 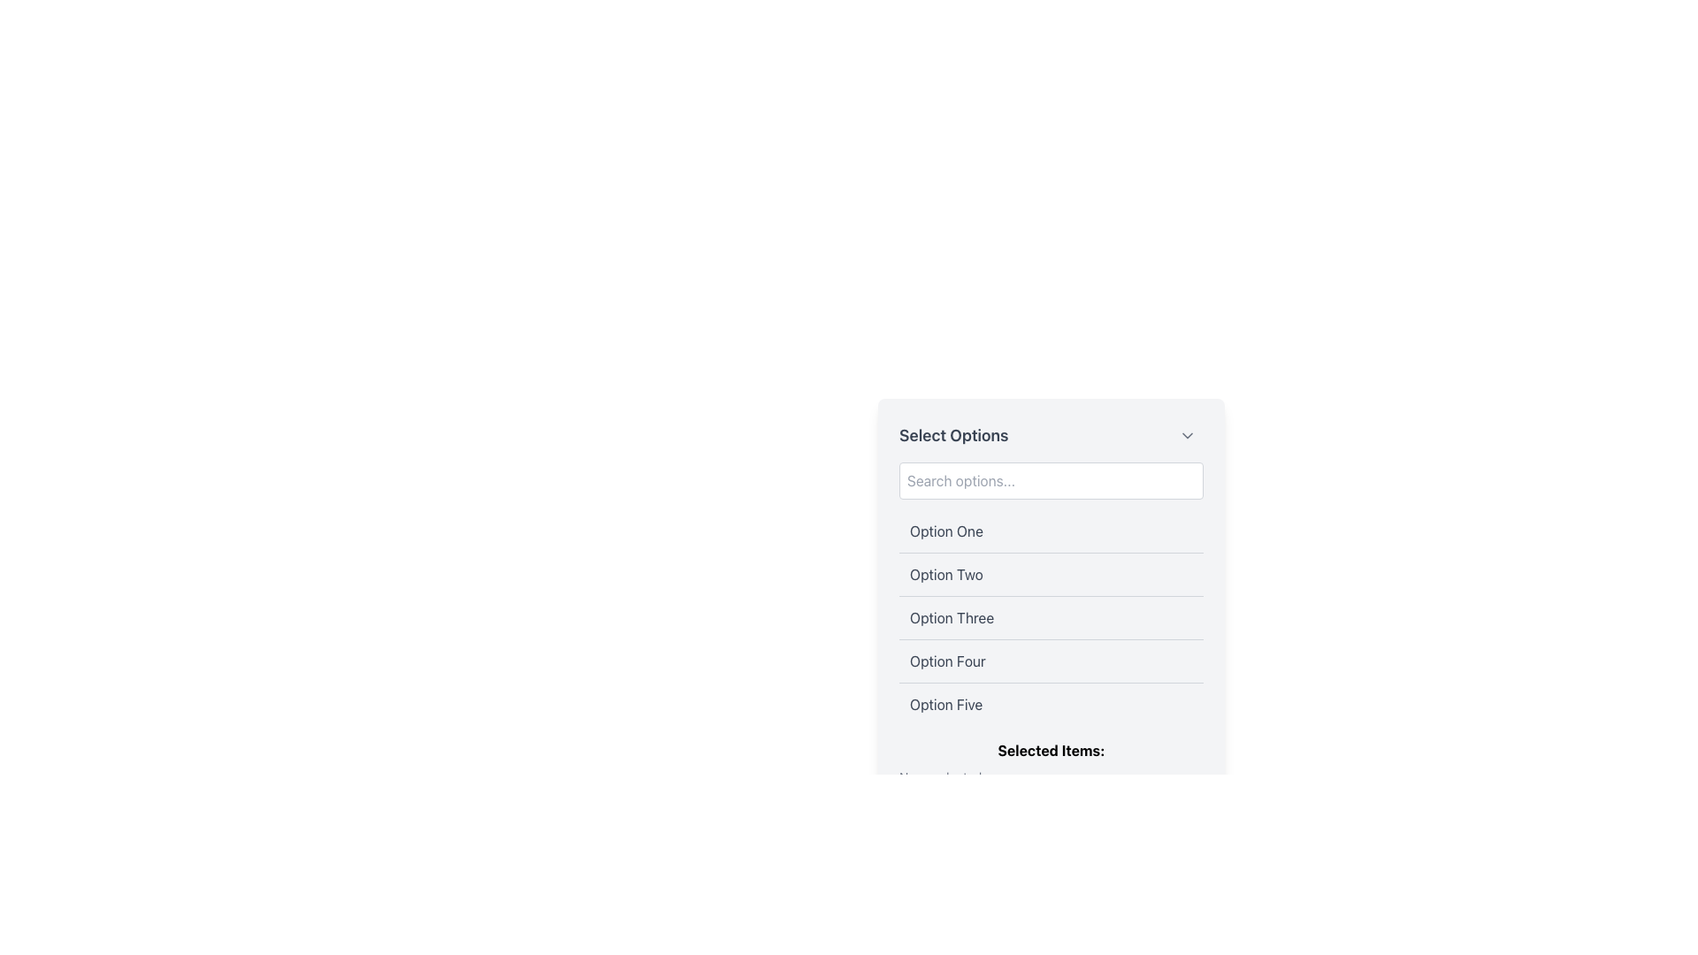 I want to click on the text label indicating the section where selected items are displayed, which is located above the text 'None selected.', so click(x=1052, y=750).